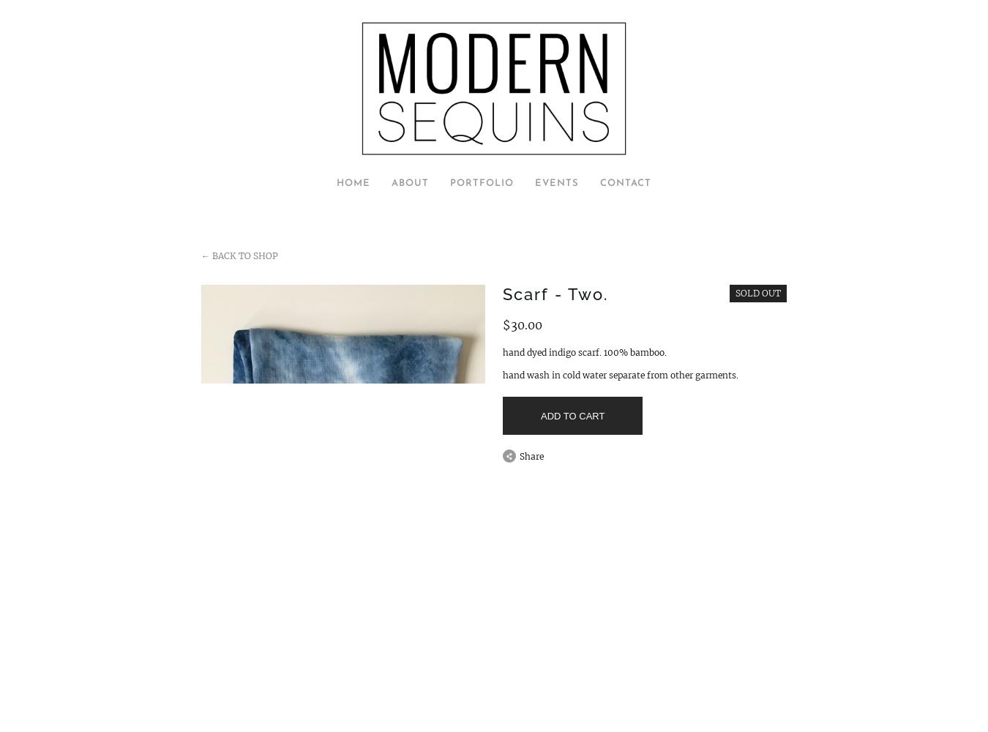 The image size is (988, 732). What do you see at coordinates (572, 414) in the screenshot?
I see `'Add To Cart'` at bounding box center [572, 414].